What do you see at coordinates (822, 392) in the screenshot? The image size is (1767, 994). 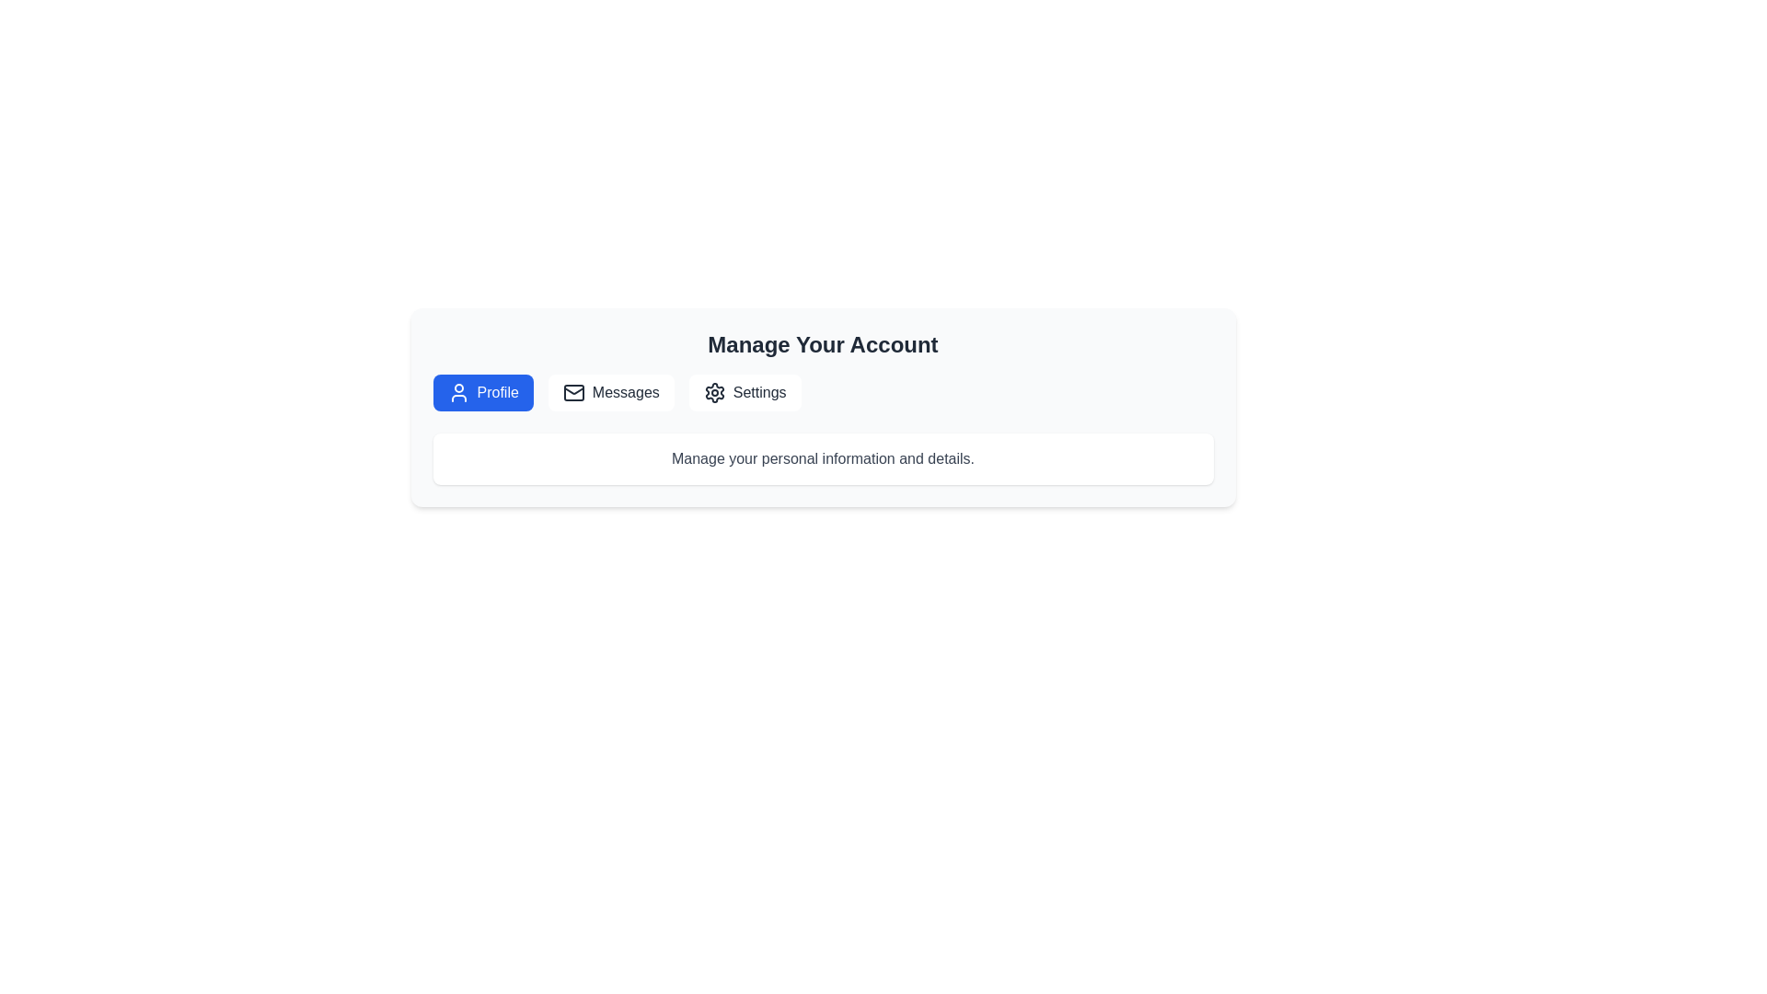 I see `the 'Messages' button in the horizontal navigation group located under the title 'Manage Your Account'` at bounding box center [822, 392].